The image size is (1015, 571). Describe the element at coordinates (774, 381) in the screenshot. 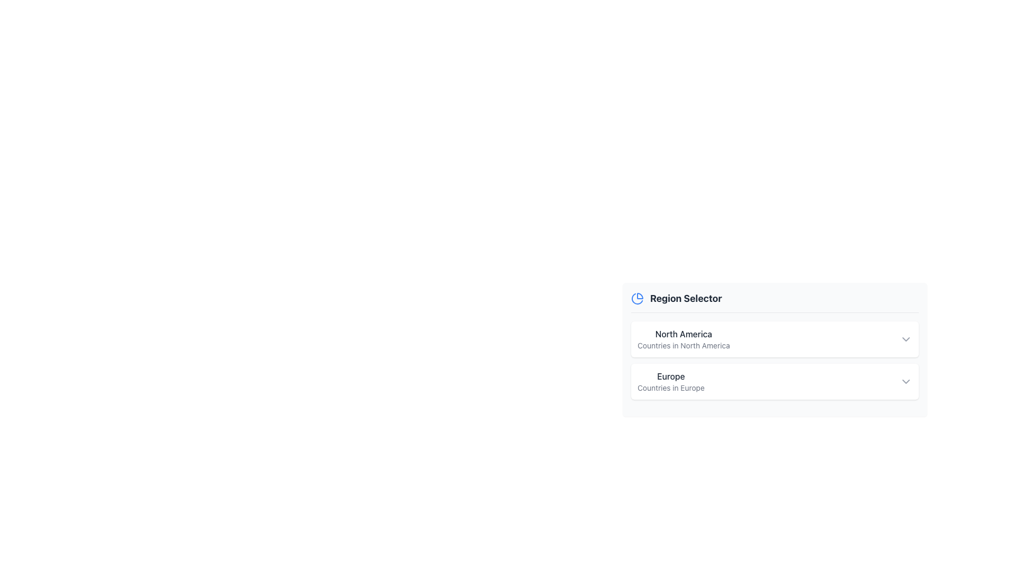

I see `the second list item labeled 'Europe'` at that location.